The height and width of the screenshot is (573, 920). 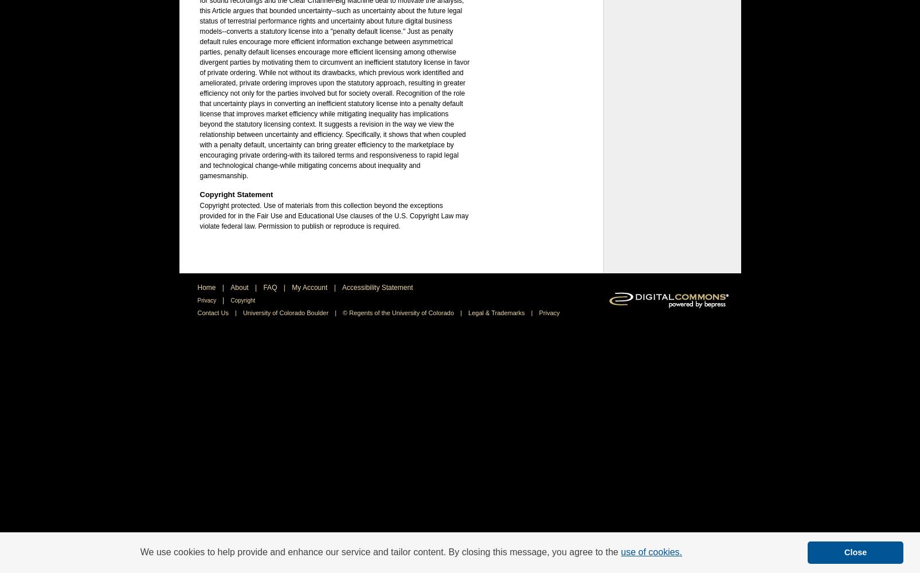 What do you see at coordinates (855, 552) in the screenshot?
I see `'Close'` at bounding box center [855, 552].